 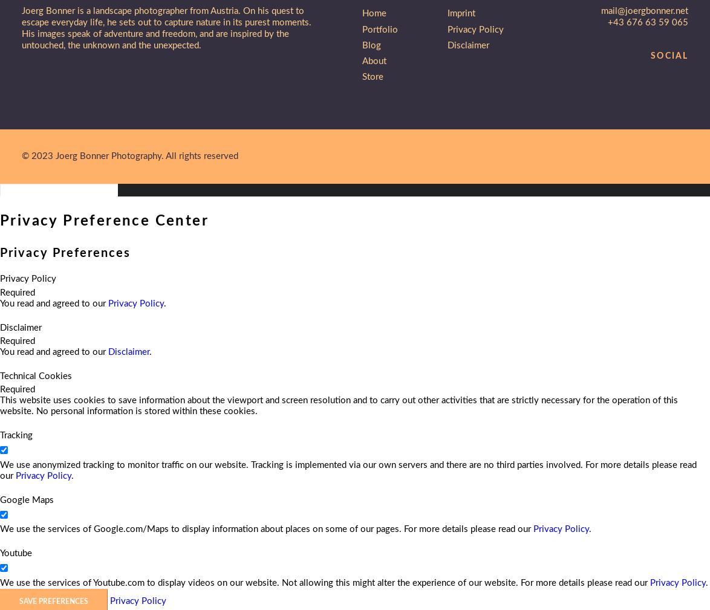 What do you see at coordinates (0, 582) in the screenshot?
I see `'We use the services of Youtube.com to display videos on our website. Not allowing this might alter the experience of our website. For more details please read our'` at bounding box center [0, 582].